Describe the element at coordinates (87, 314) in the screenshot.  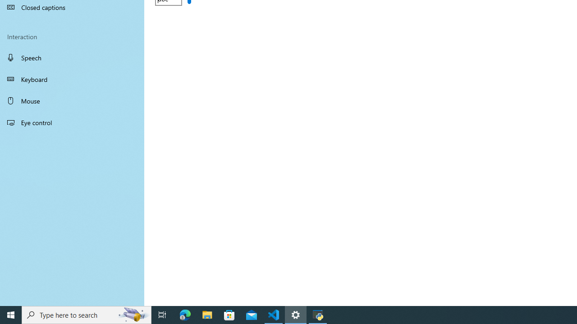
I see `'Type here to search'` at that location.